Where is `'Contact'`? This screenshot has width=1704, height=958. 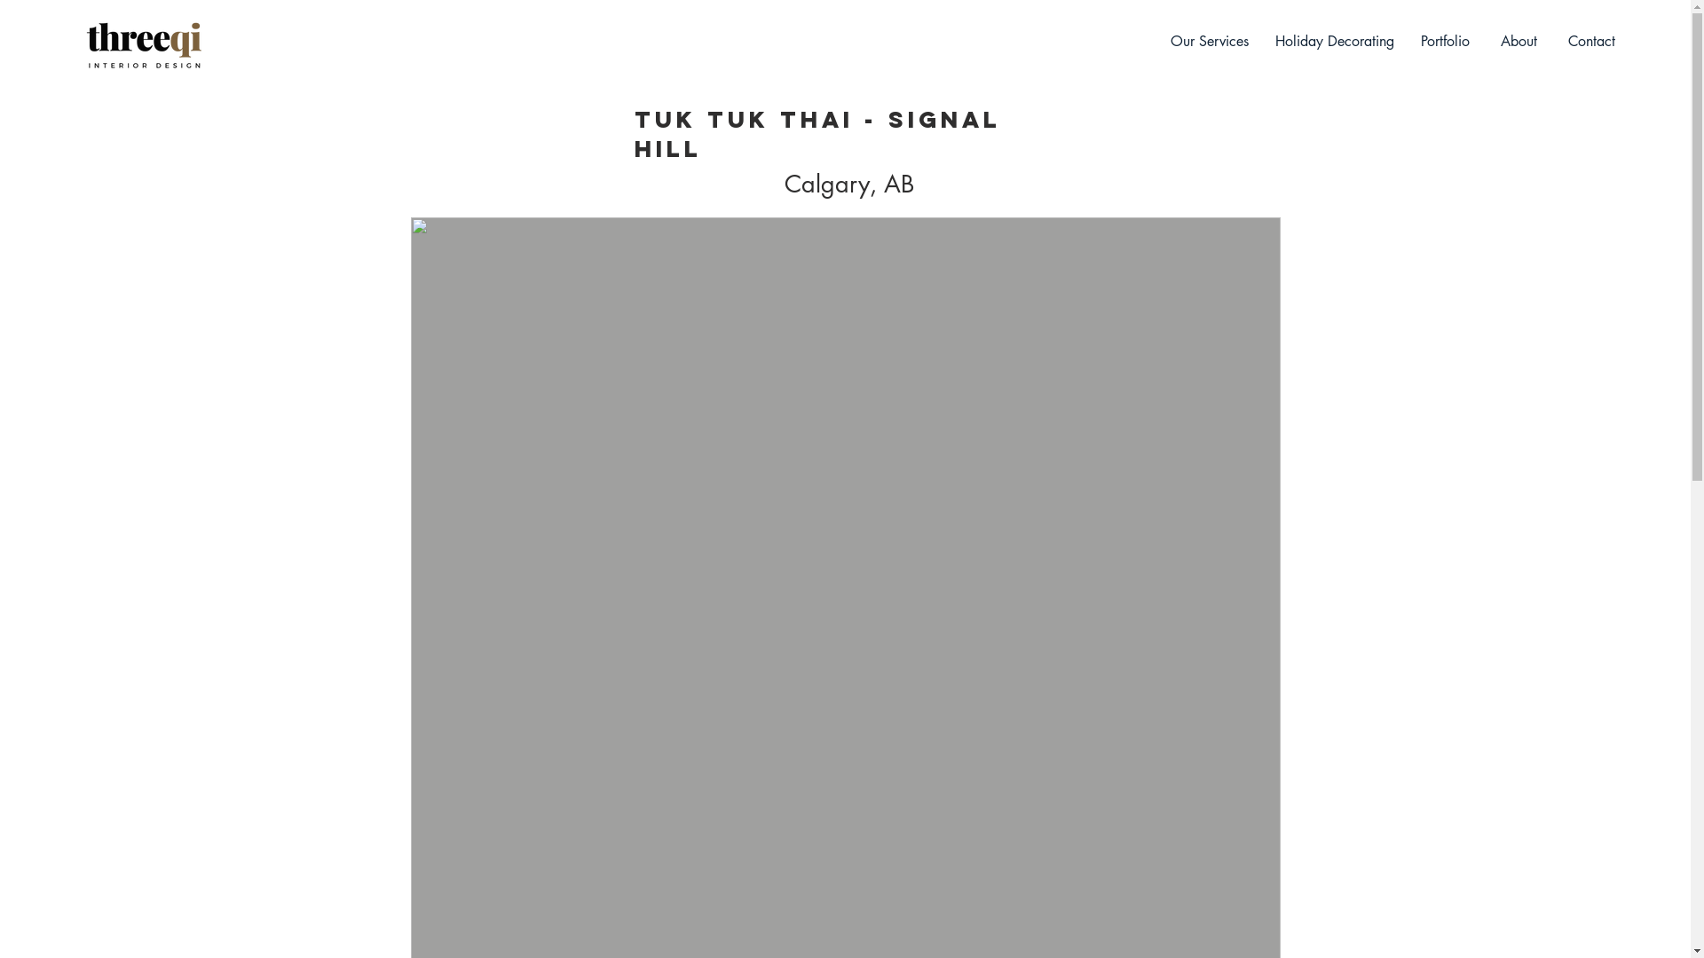 'Contact' is located at coordinates (1592, 40).